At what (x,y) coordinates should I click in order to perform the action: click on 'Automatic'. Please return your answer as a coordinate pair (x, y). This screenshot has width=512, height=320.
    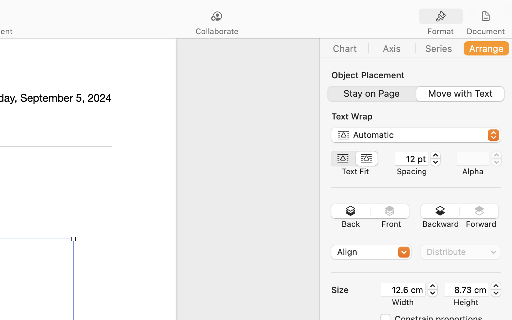
    Looking at the image, I should click on (416, 136).